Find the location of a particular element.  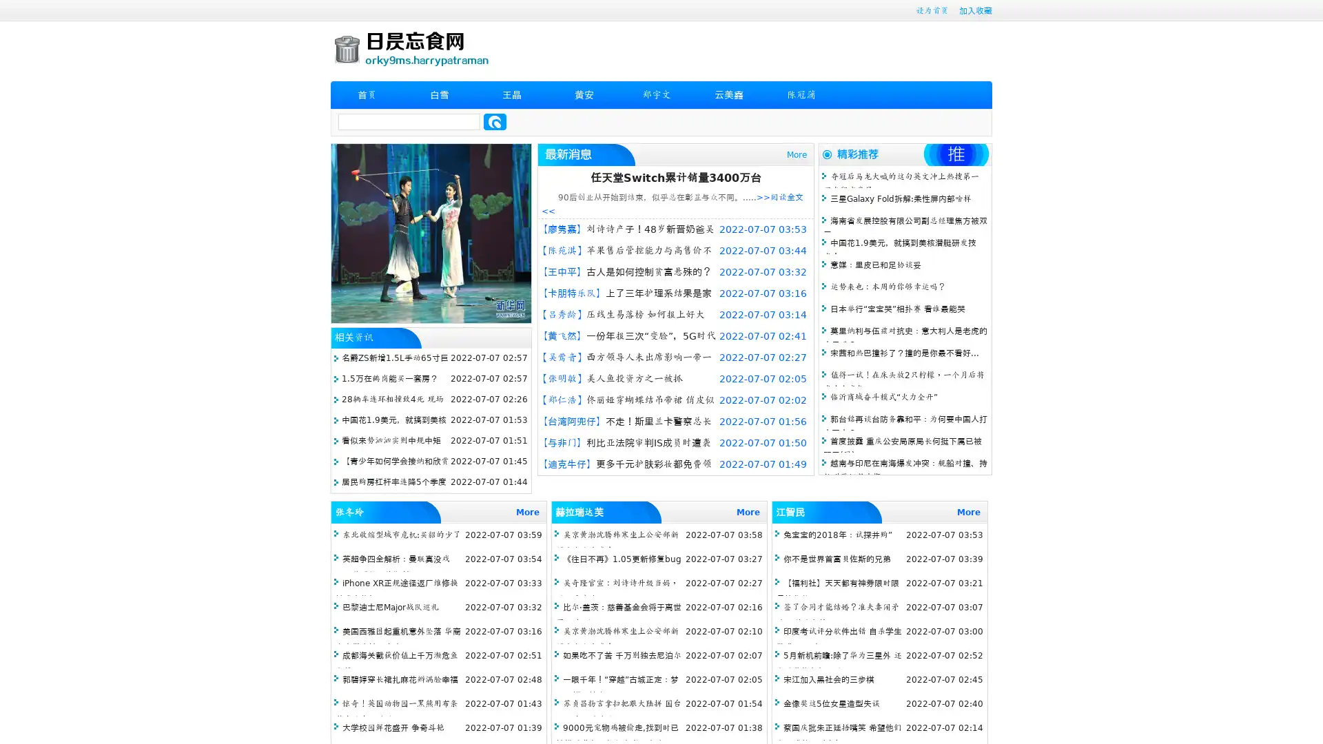

Search is located at coordinates (495, 121).